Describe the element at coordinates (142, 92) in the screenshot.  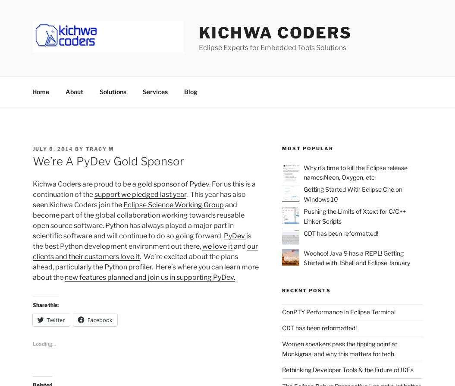
I see `'Services'` at that location.